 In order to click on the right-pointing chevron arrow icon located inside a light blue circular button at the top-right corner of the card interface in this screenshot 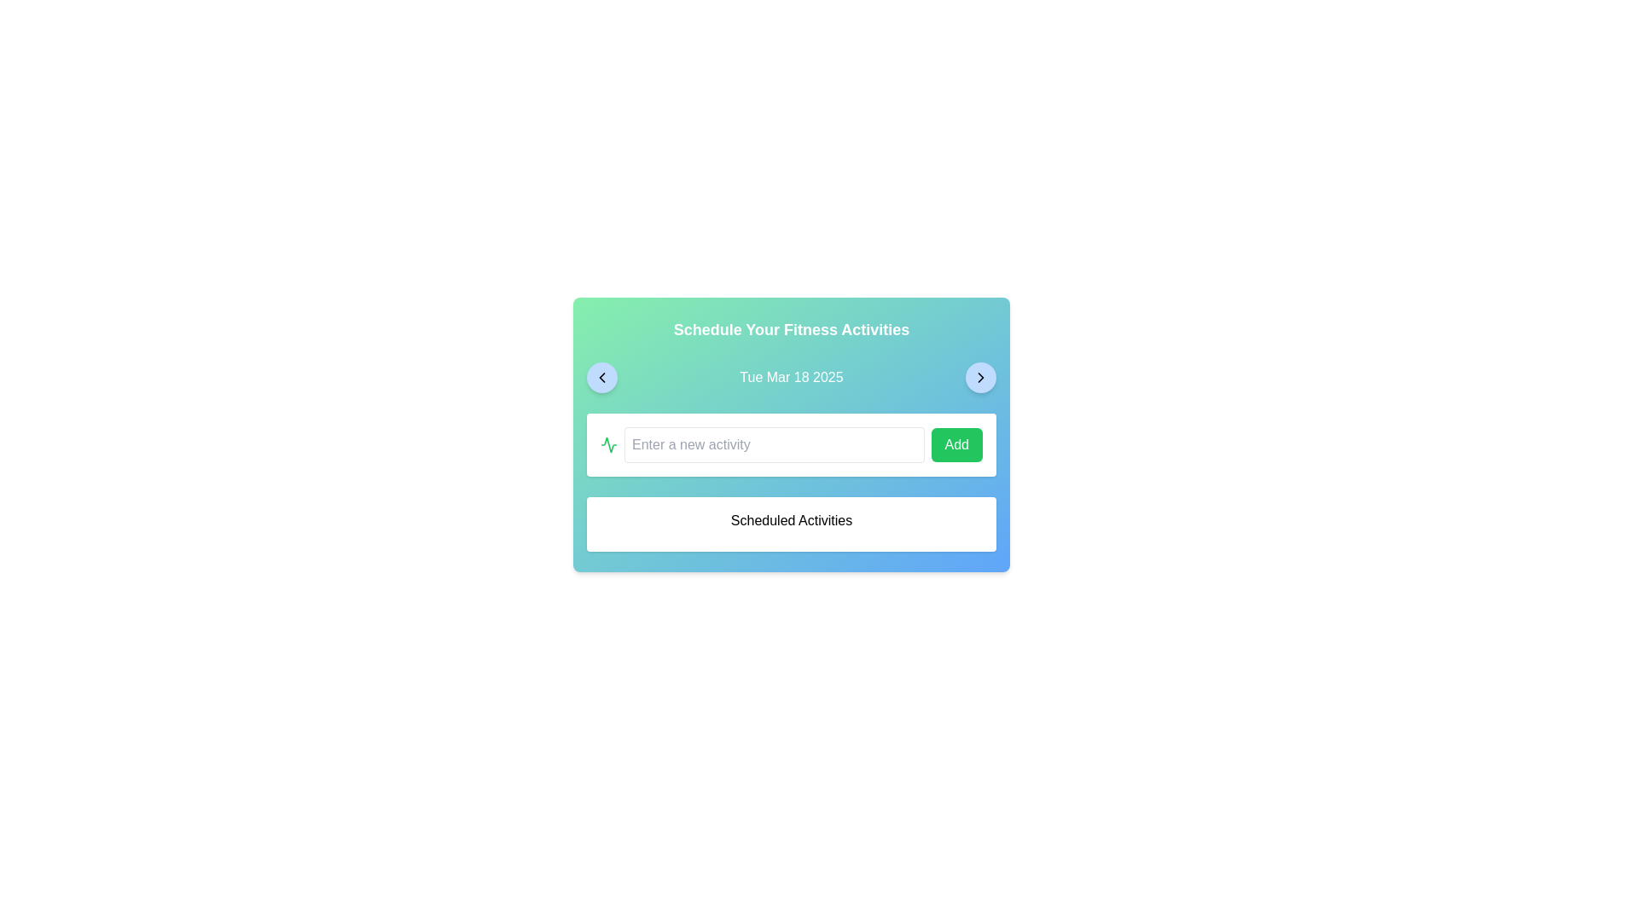, I will do `click(981, 377)`.